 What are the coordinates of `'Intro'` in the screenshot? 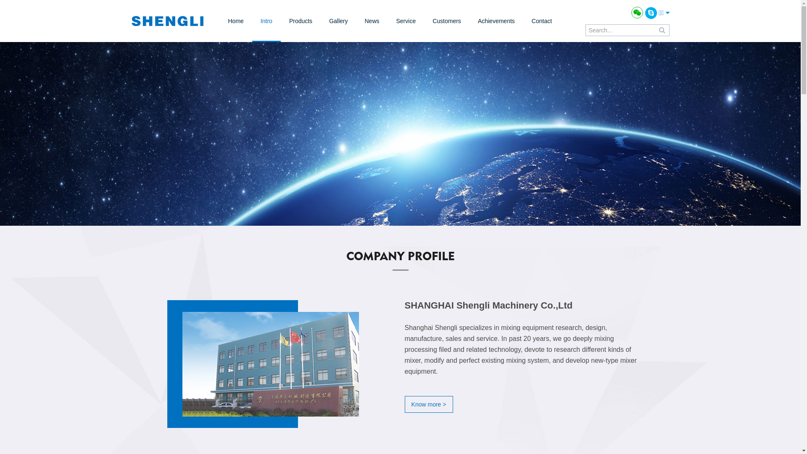 It's located at (266, 21).